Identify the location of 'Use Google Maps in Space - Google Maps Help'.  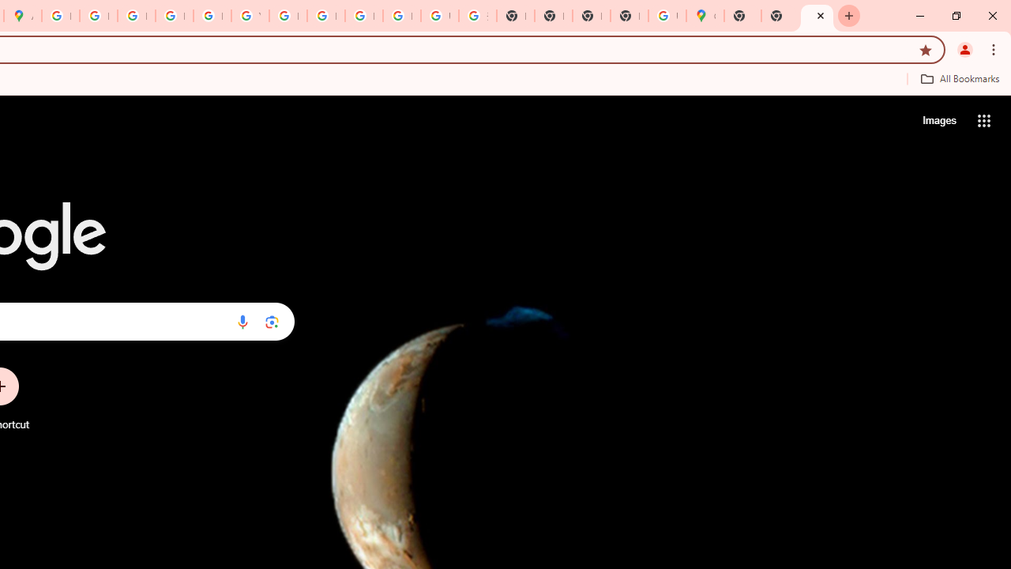
(667, 16).